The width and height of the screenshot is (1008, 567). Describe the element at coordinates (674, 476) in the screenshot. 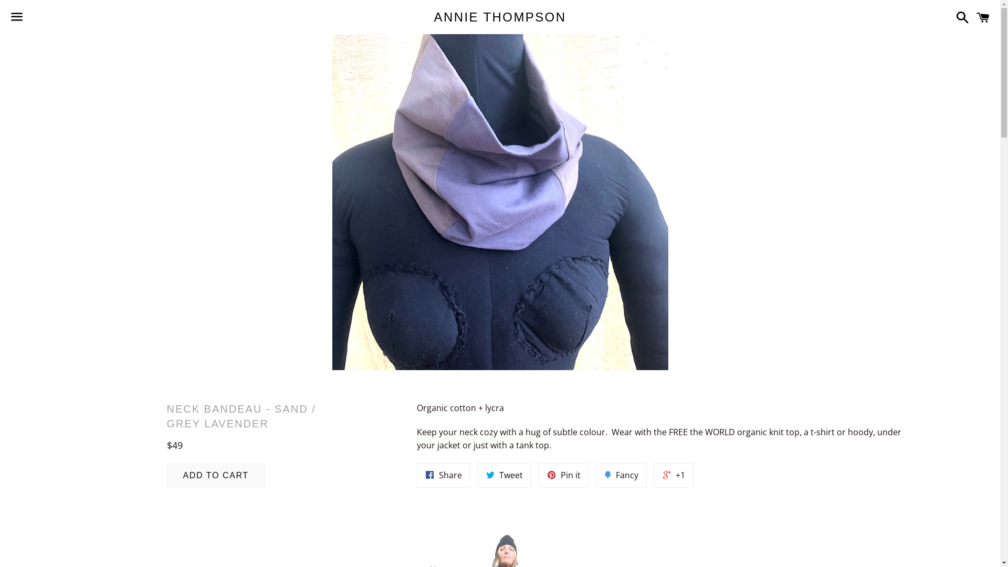

I see `'+1'` at that location.